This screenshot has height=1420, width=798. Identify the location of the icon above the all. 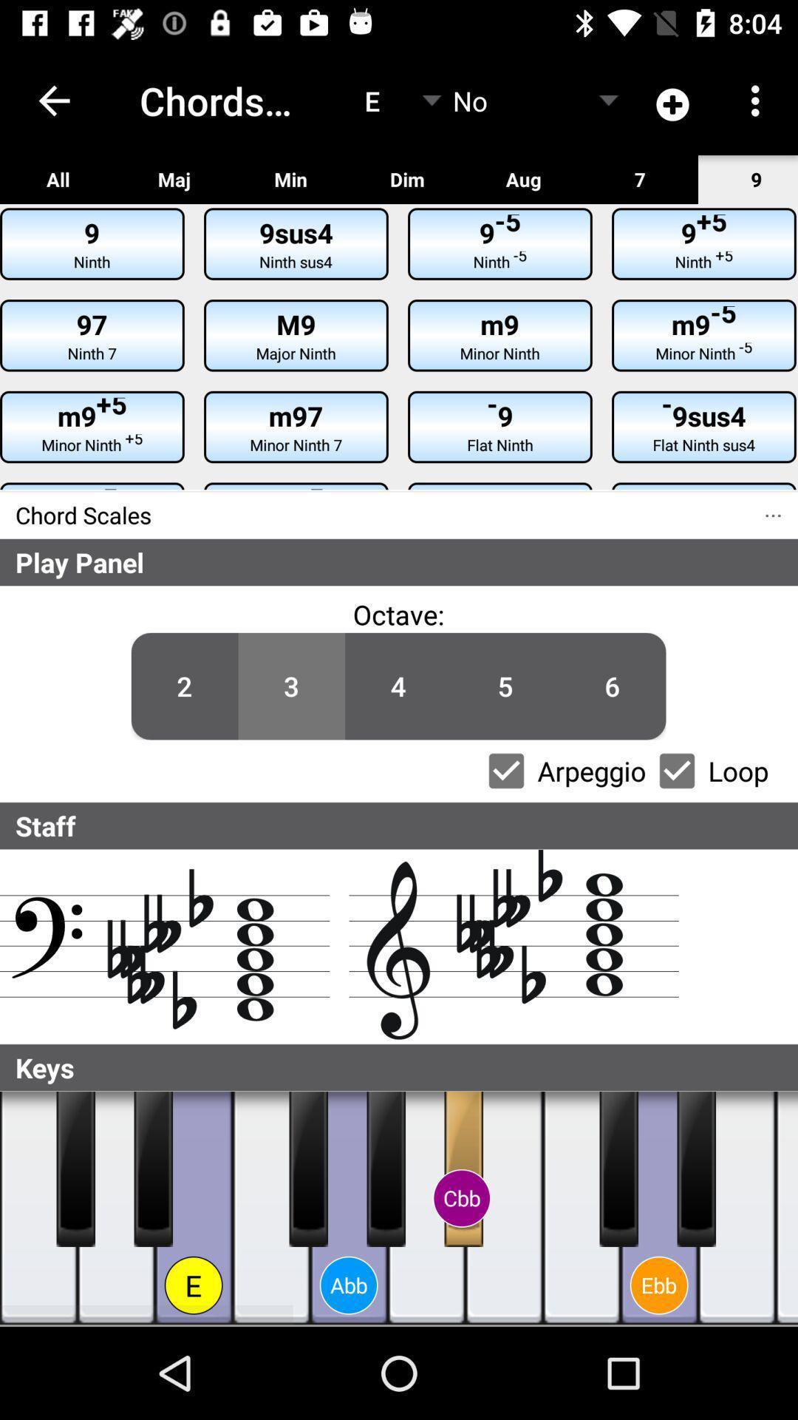
(53, 100).